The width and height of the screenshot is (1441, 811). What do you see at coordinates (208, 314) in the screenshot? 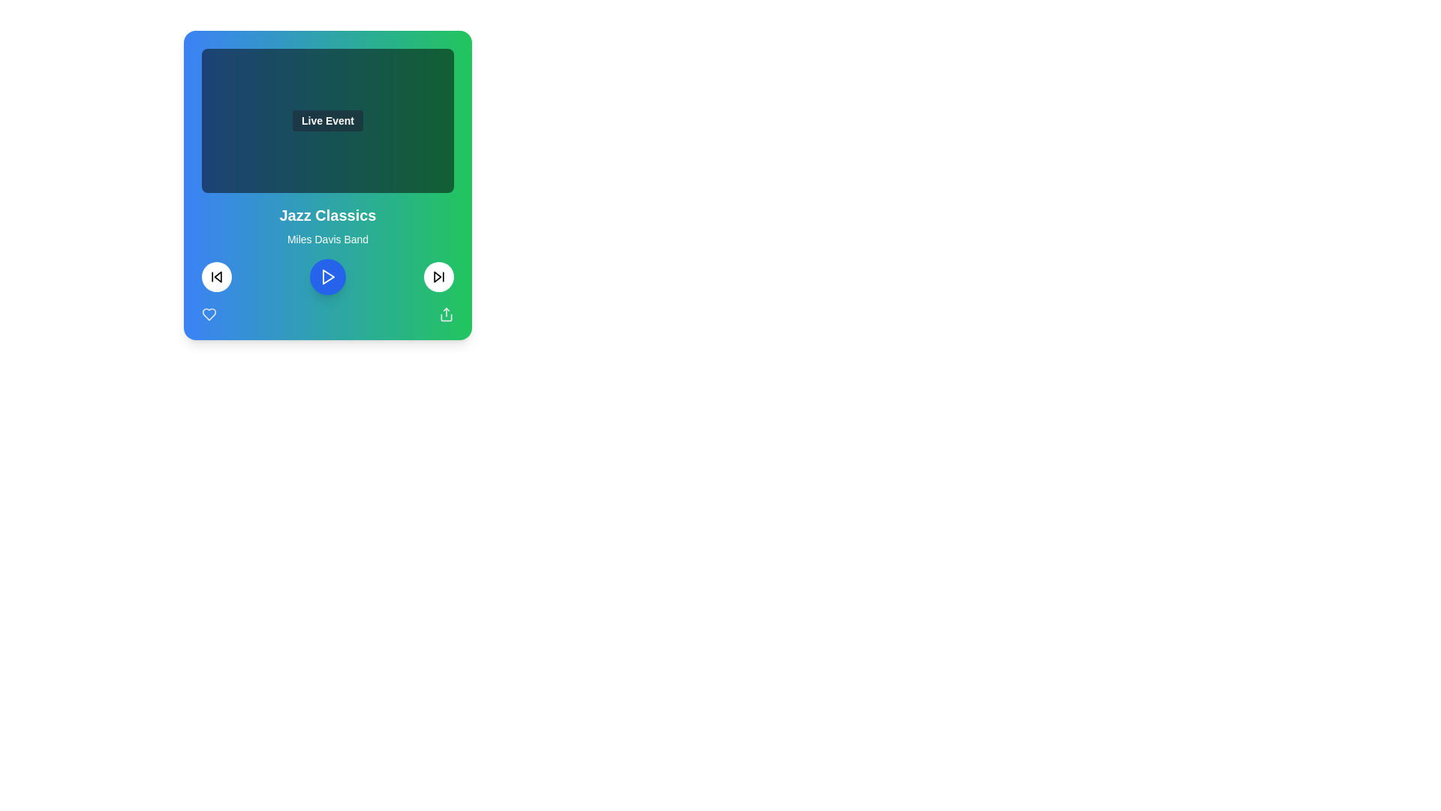
I see `the outlined heart vector icon located in the bottom left corner of the music player card to like or unlike the item` at bounding box center [208, 314].